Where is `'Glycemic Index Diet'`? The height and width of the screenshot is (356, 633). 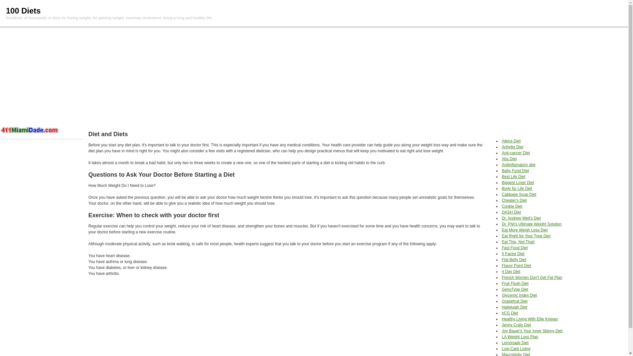 'Glycemic Index Diet' is located at coordinates (501, 295).